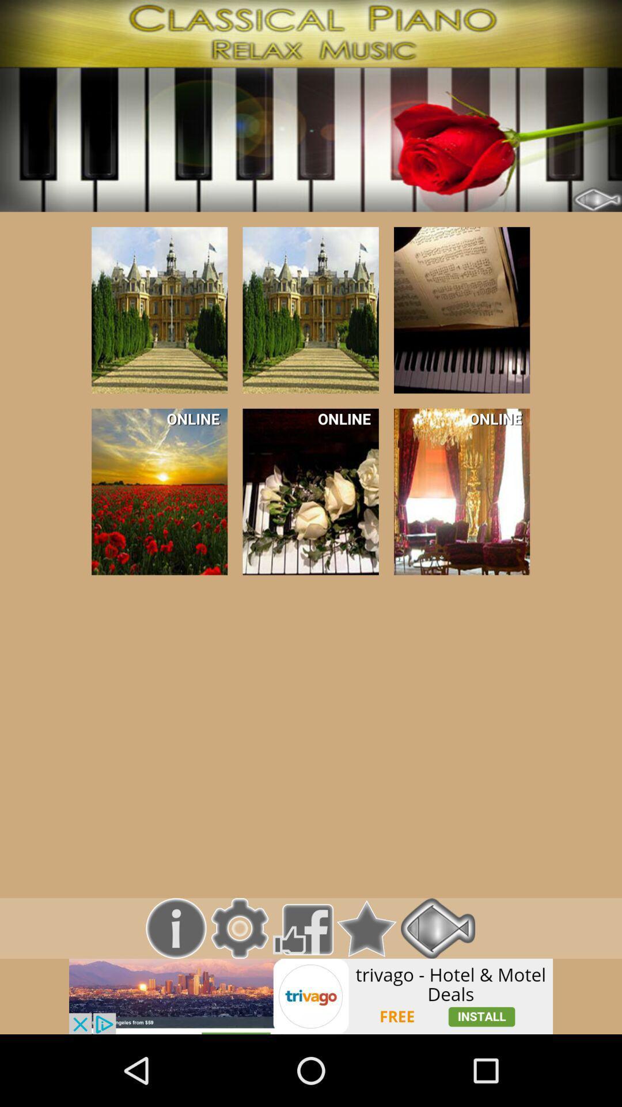 The height and width of the screenshot is (1107, 622). I want to click on the number, so click(160, 310).